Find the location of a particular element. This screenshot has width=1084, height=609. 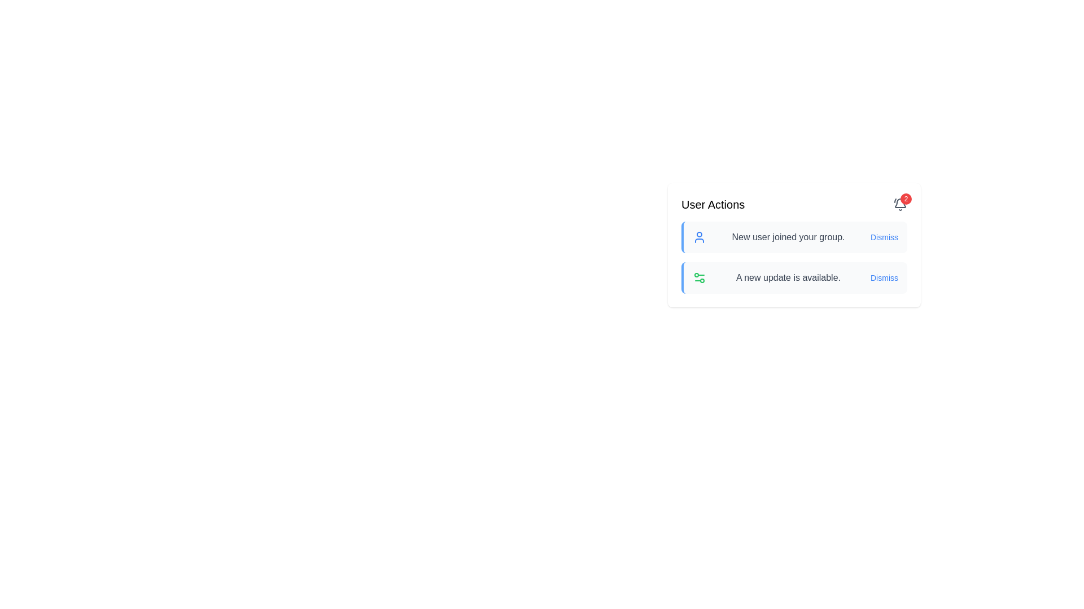

the notification indicator icon located in the top-right corner of the 'User Actions' card to observe its status or effect is located at coordinates (899, 203).